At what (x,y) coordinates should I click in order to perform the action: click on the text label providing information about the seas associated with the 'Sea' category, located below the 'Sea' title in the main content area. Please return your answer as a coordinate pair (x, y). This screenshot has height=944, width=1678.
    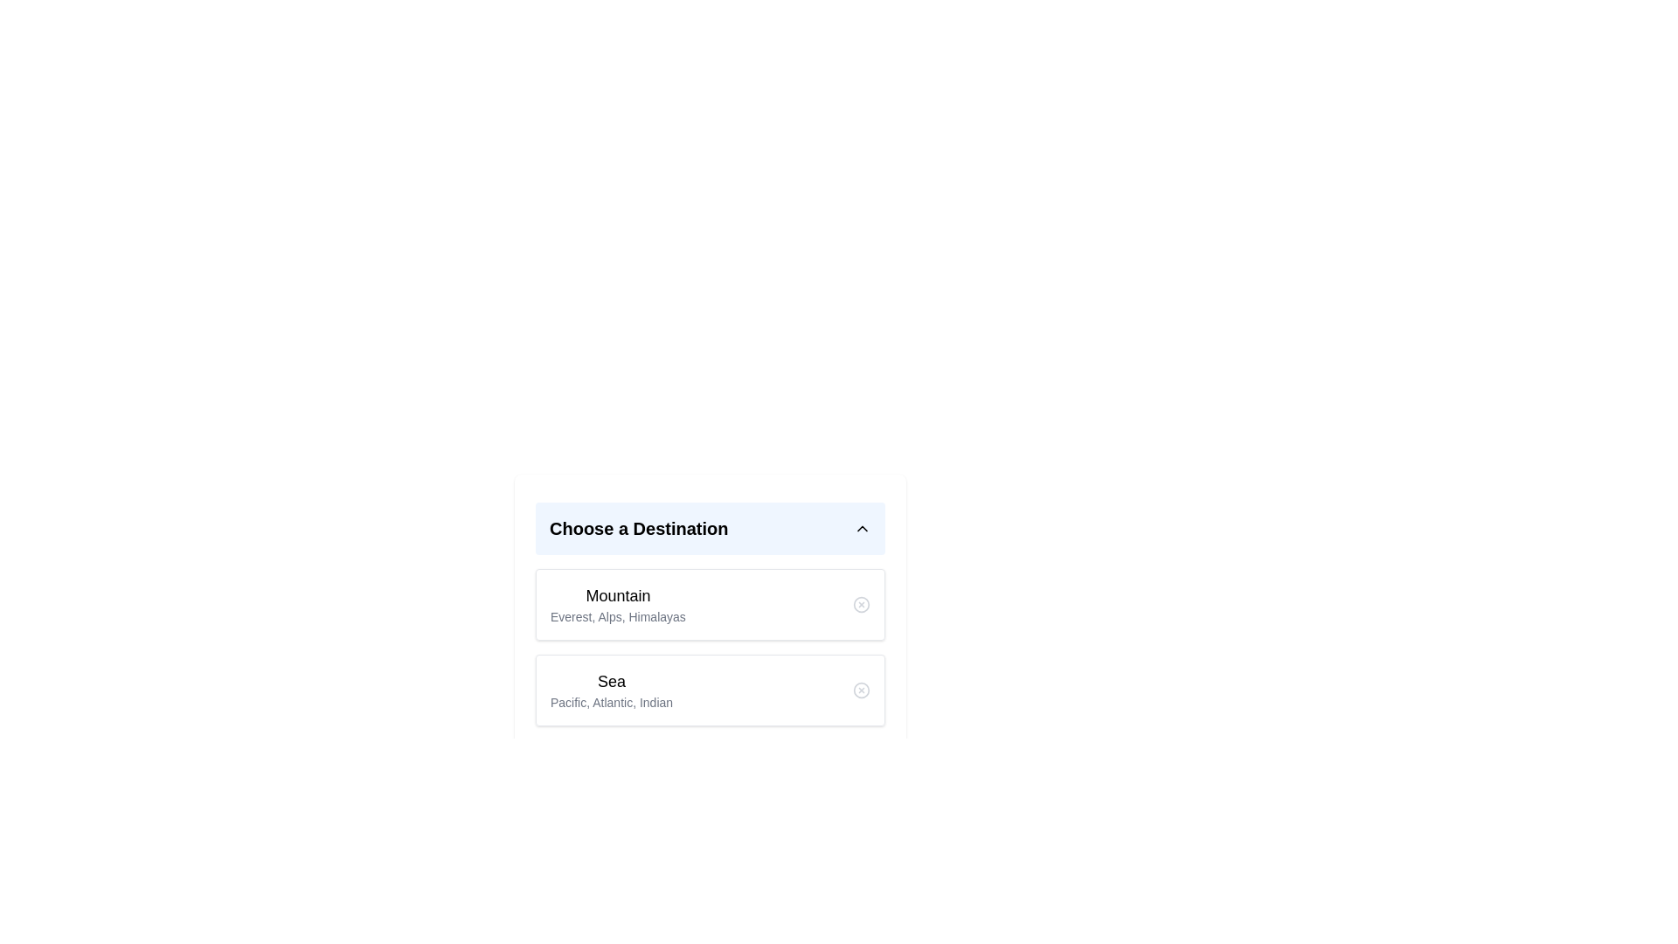
    Looking at the image, I should click on (612, 701).